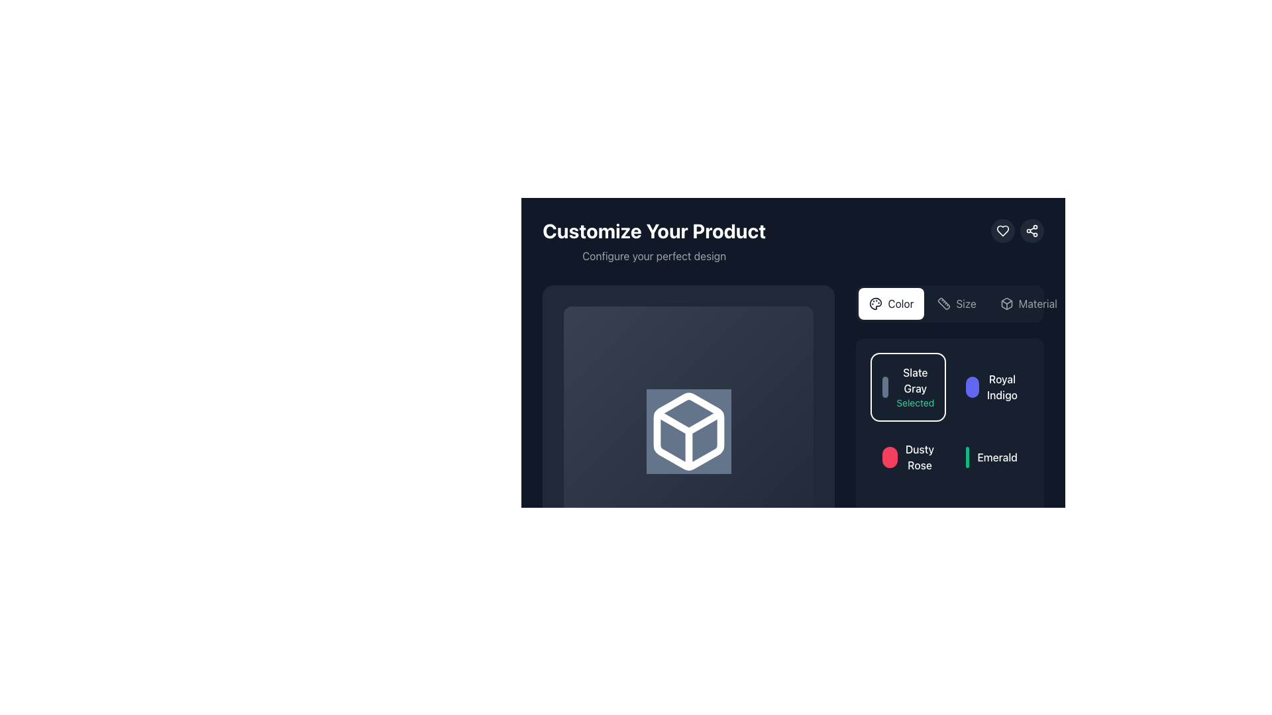 This screenshot has height=715, width=1272. Describe the element at coordinates (943, 304) in the screenshot. I see `the ruler icon located in the horizontal menu bar on the right side of the interface, which is the second icon between 'Color' and 'Material'` at that location.